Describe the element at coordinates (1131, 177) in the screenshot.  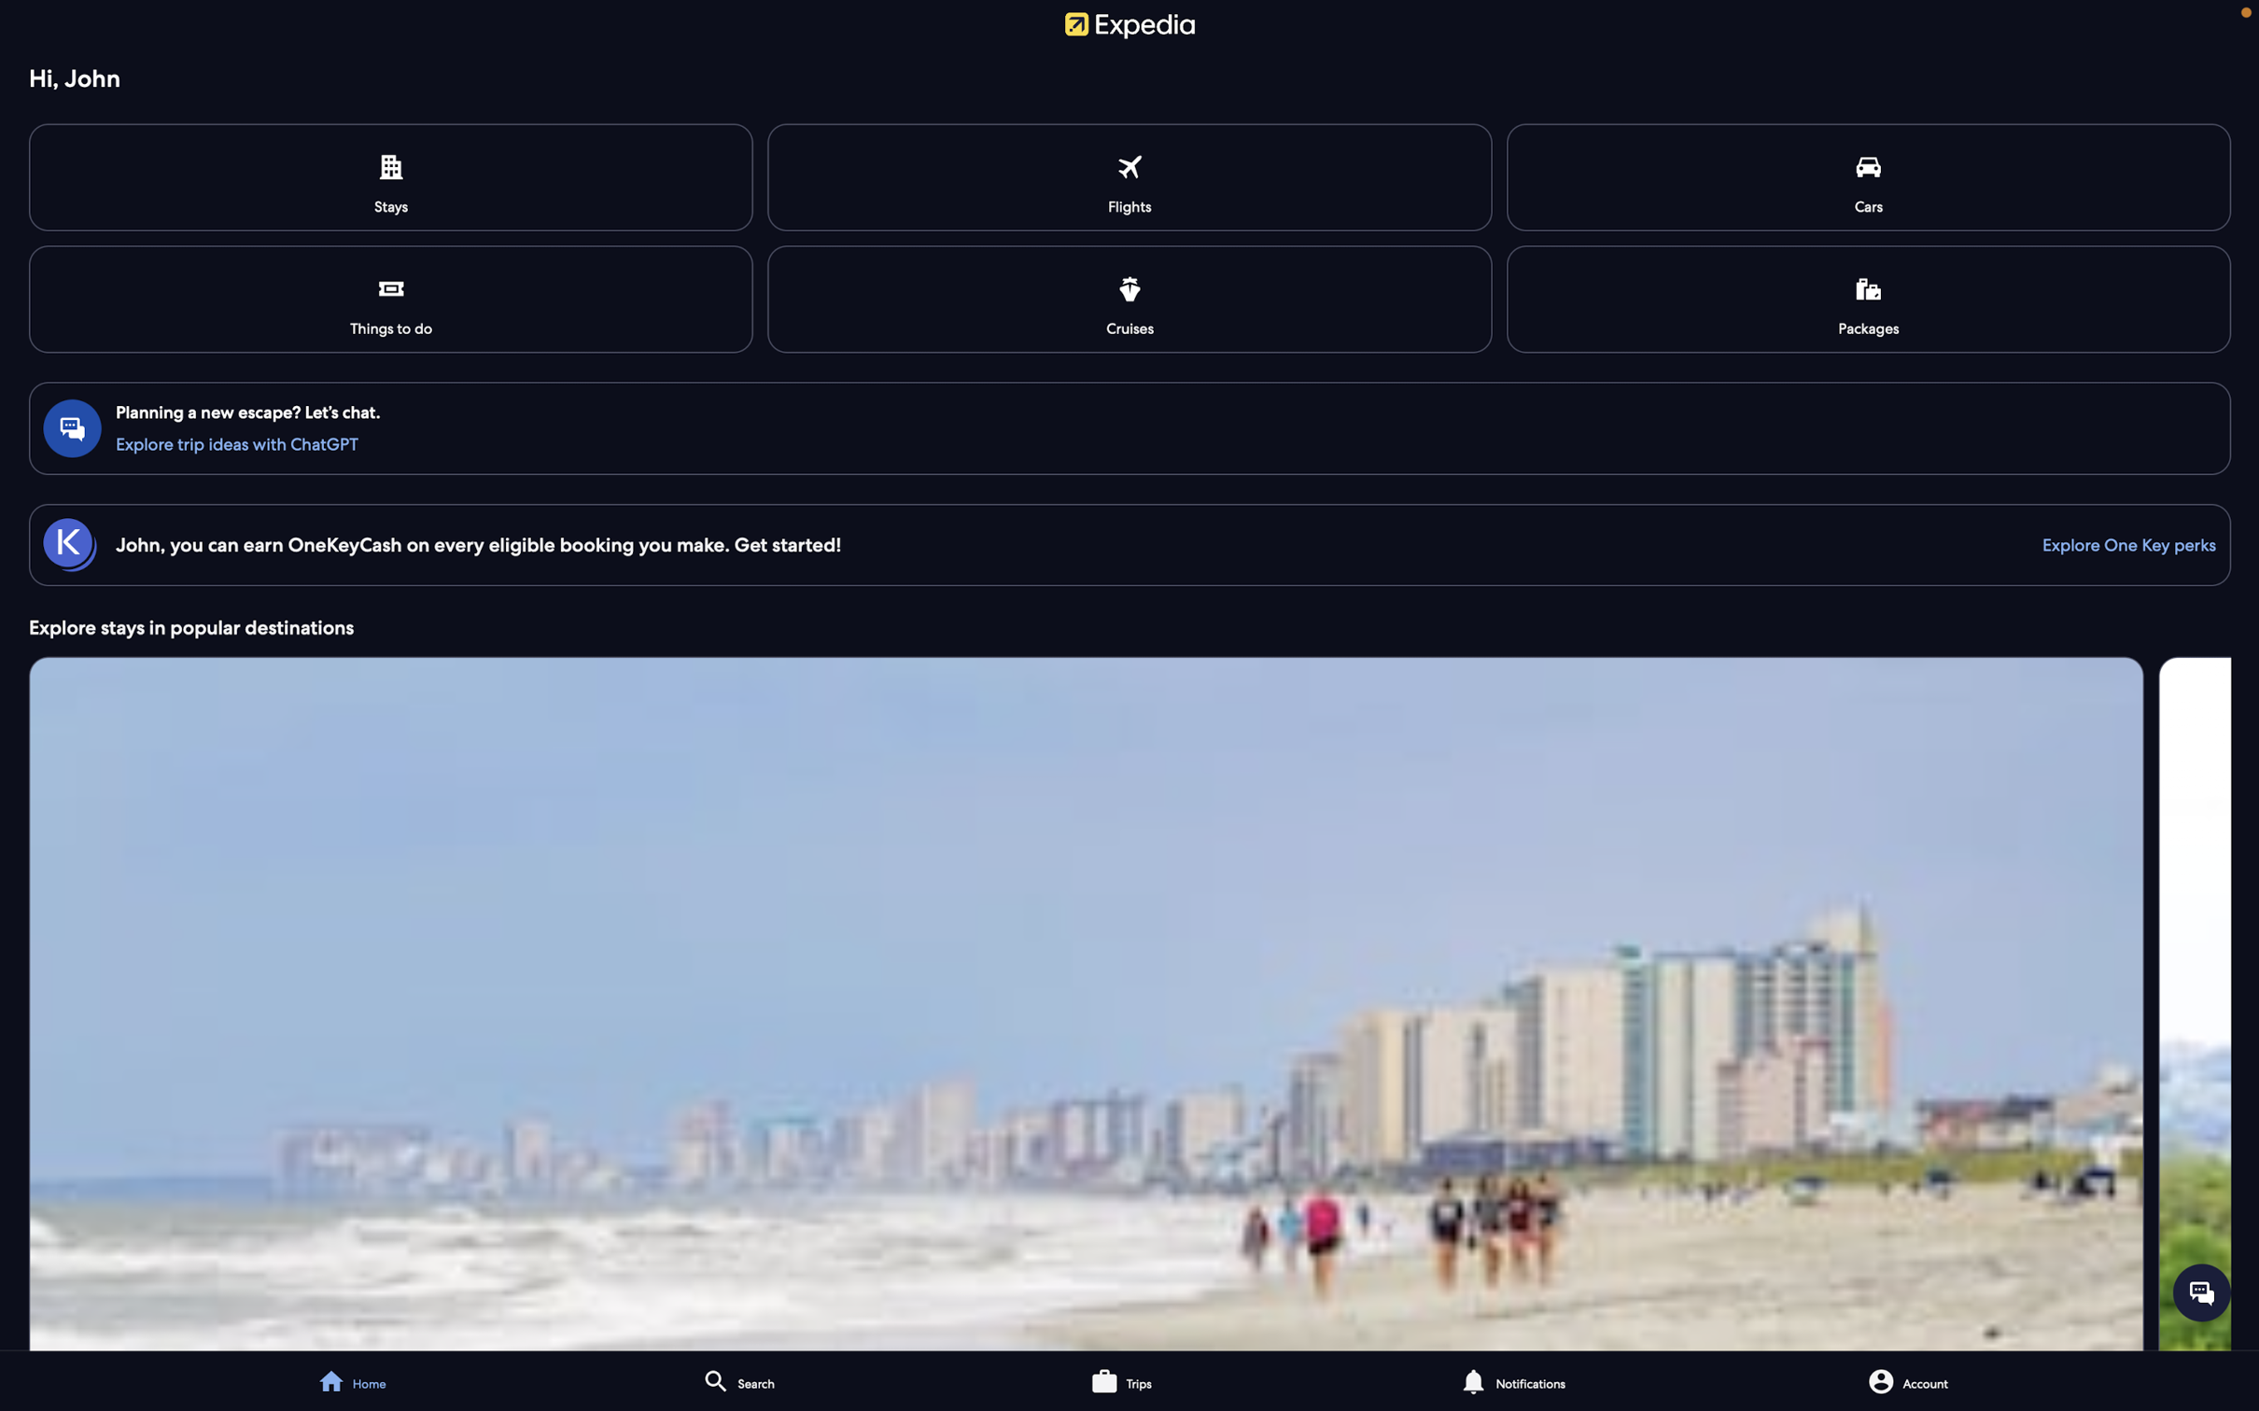
I see `a search for the flight identified as ABC1234` at that location.